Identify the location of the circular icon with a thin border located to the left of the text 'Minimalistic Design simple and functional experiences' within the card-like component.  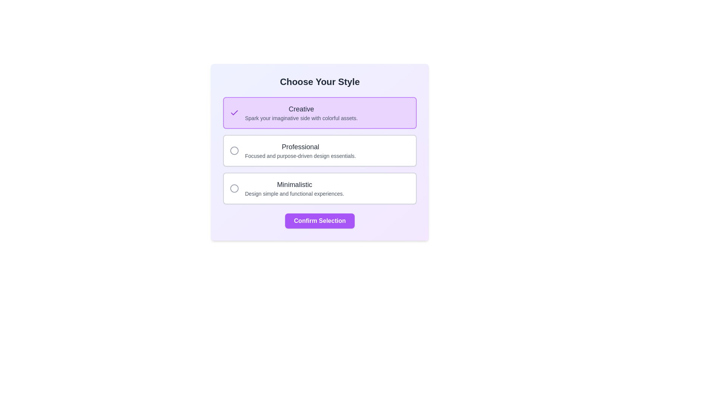
(234, 188).